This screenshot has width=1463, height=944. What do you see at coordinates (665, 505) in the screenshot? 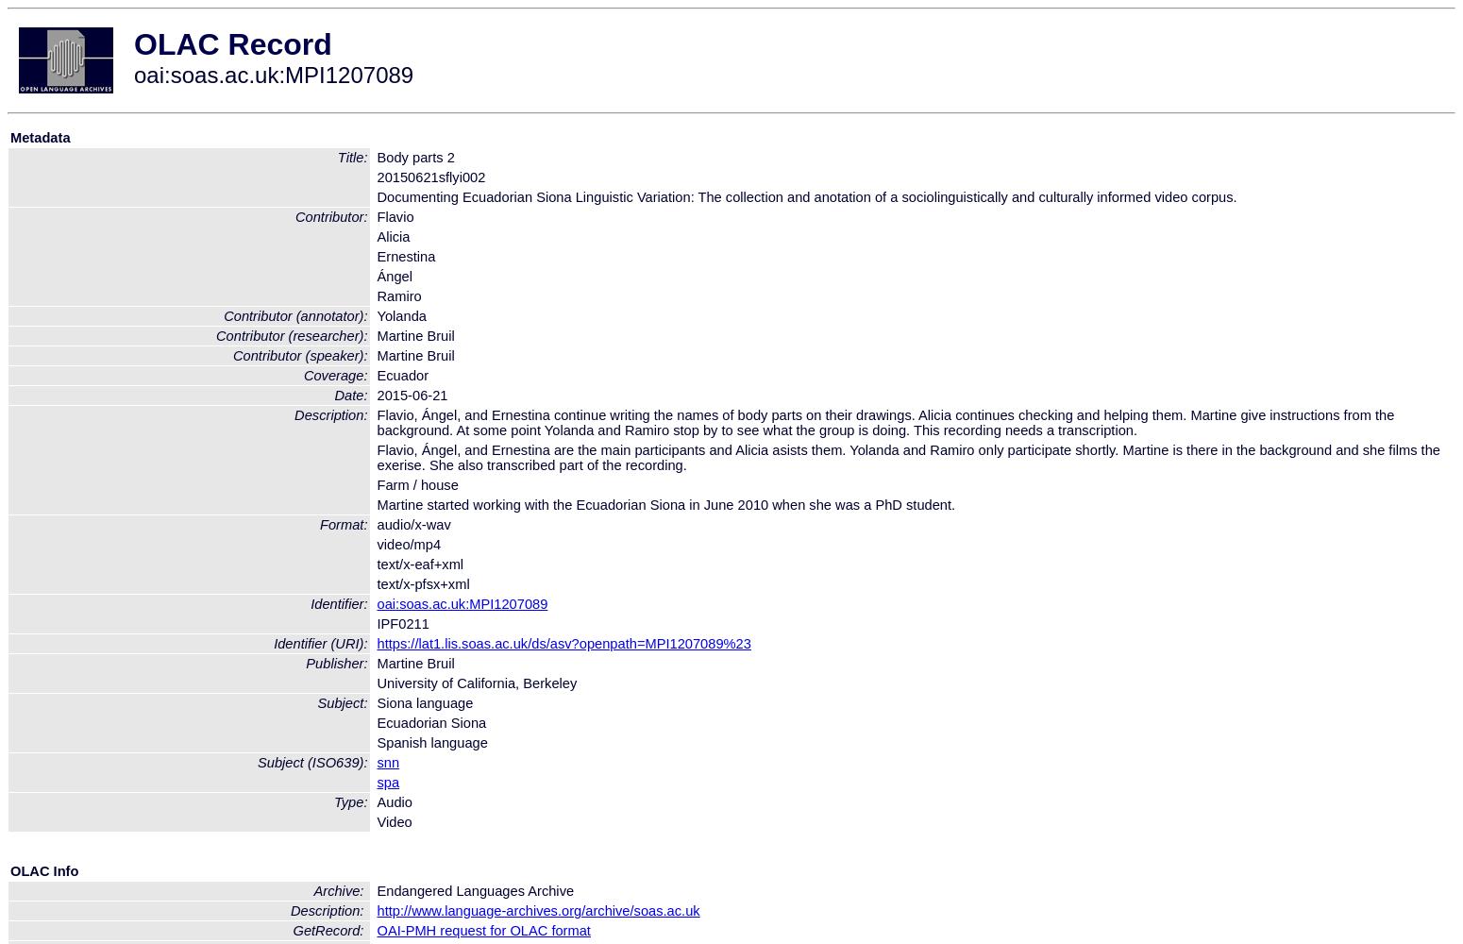
I see `'Martine started working with the Ecuadorian Siona in June 2010 when she was a PhD student.'` at bounding box center [665, 505].